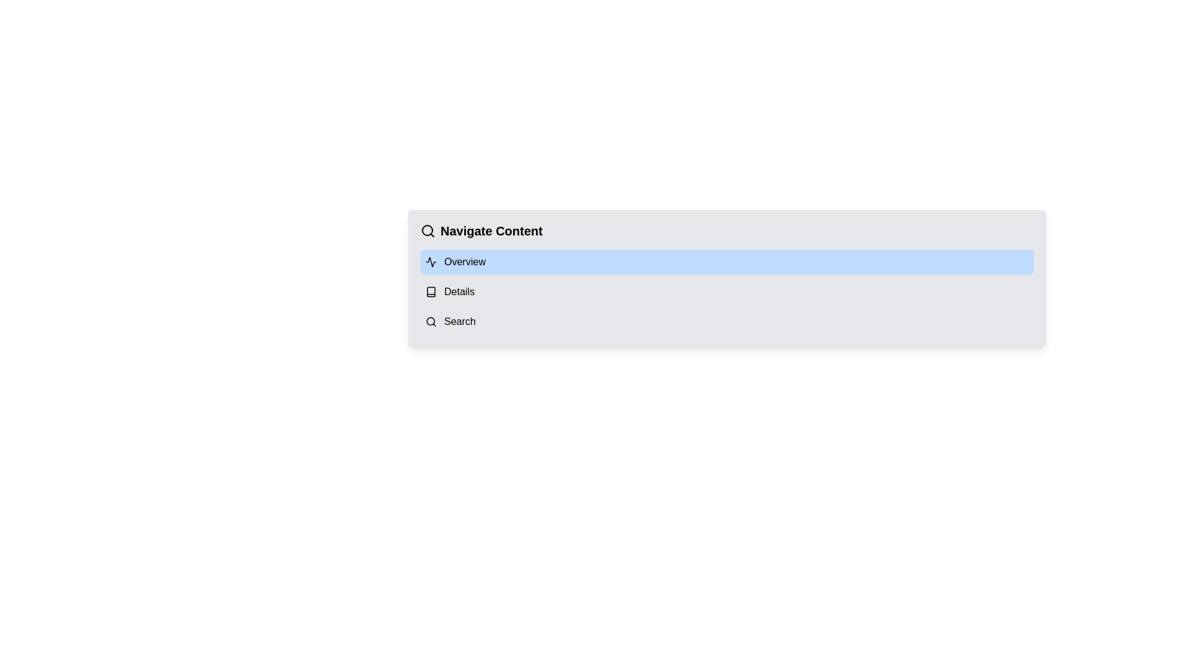 The width and height of the screenshot is (1193, 671). I want to click on the icon located to the left of the 'Details' text label in the navigation menu, which visually represents the nature of the listed item, so click(431, 292).